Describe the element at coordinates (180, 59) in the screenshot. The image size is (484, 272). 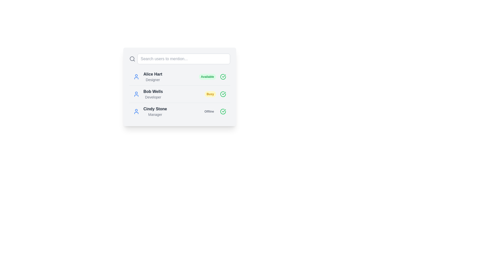
I see `the search input box at the top of the panel by tabbing into it` at that location.